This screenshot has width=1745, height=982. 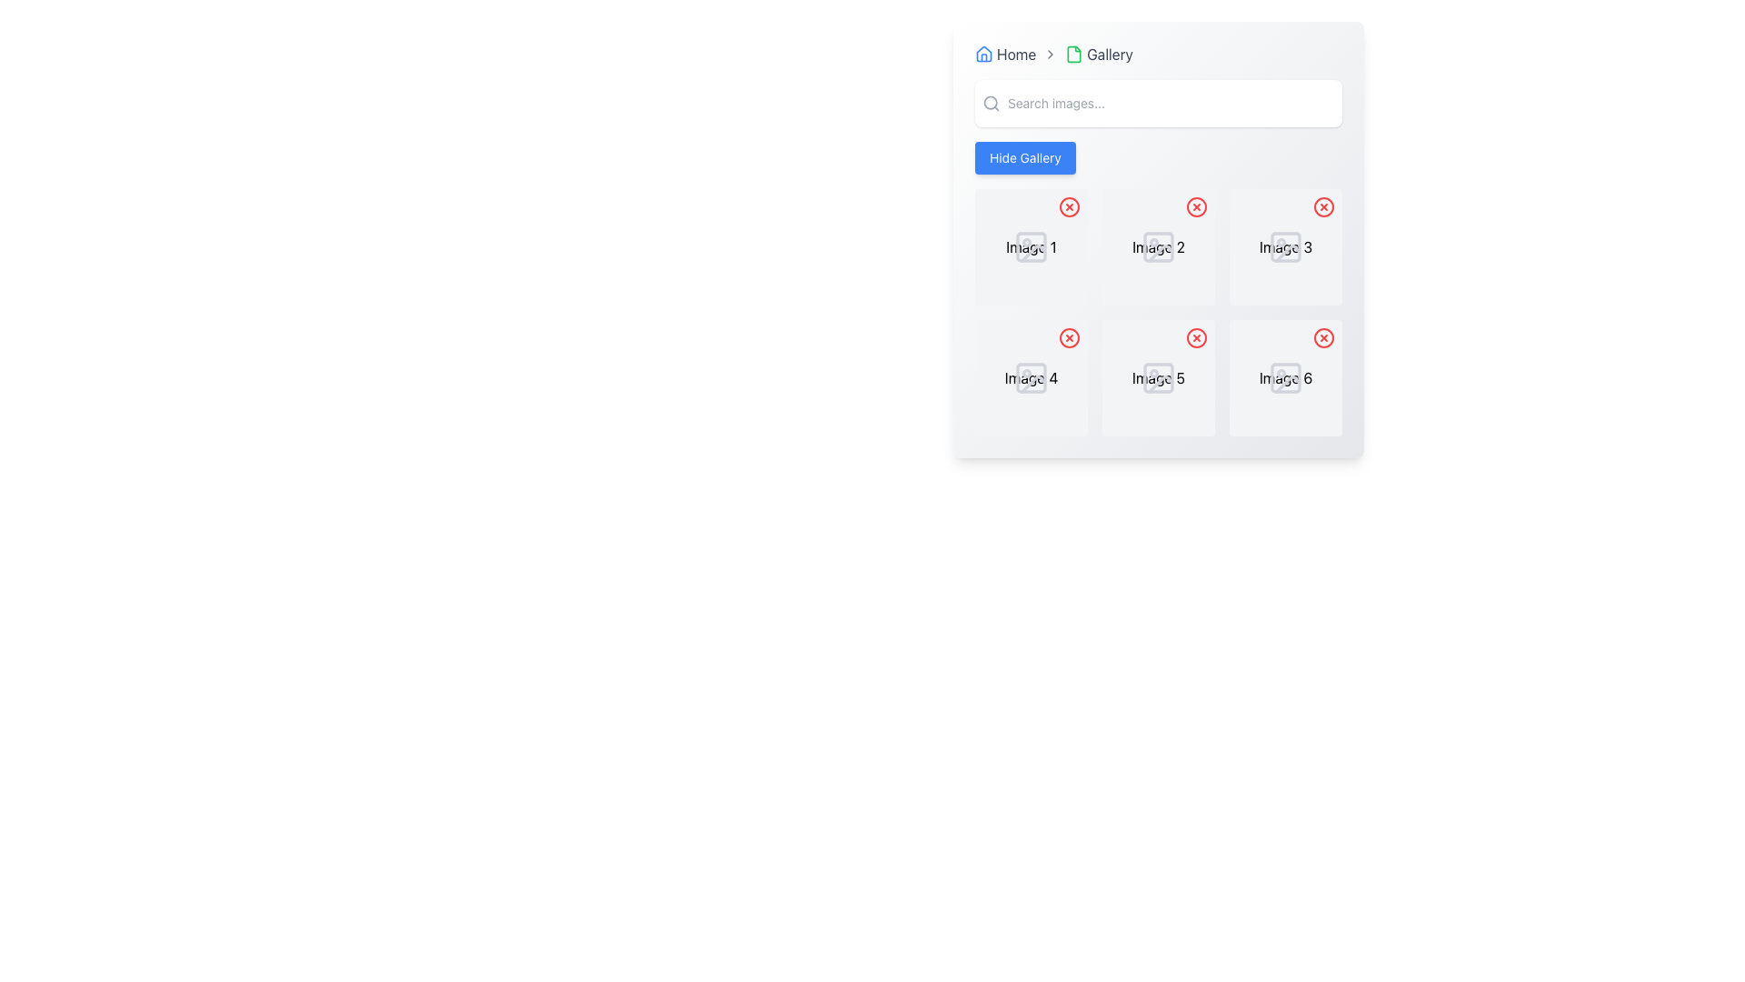 I want to click on text label 'Image 2' located in the center column of the second row in the gallery interface, so click(x=1158, y=247).